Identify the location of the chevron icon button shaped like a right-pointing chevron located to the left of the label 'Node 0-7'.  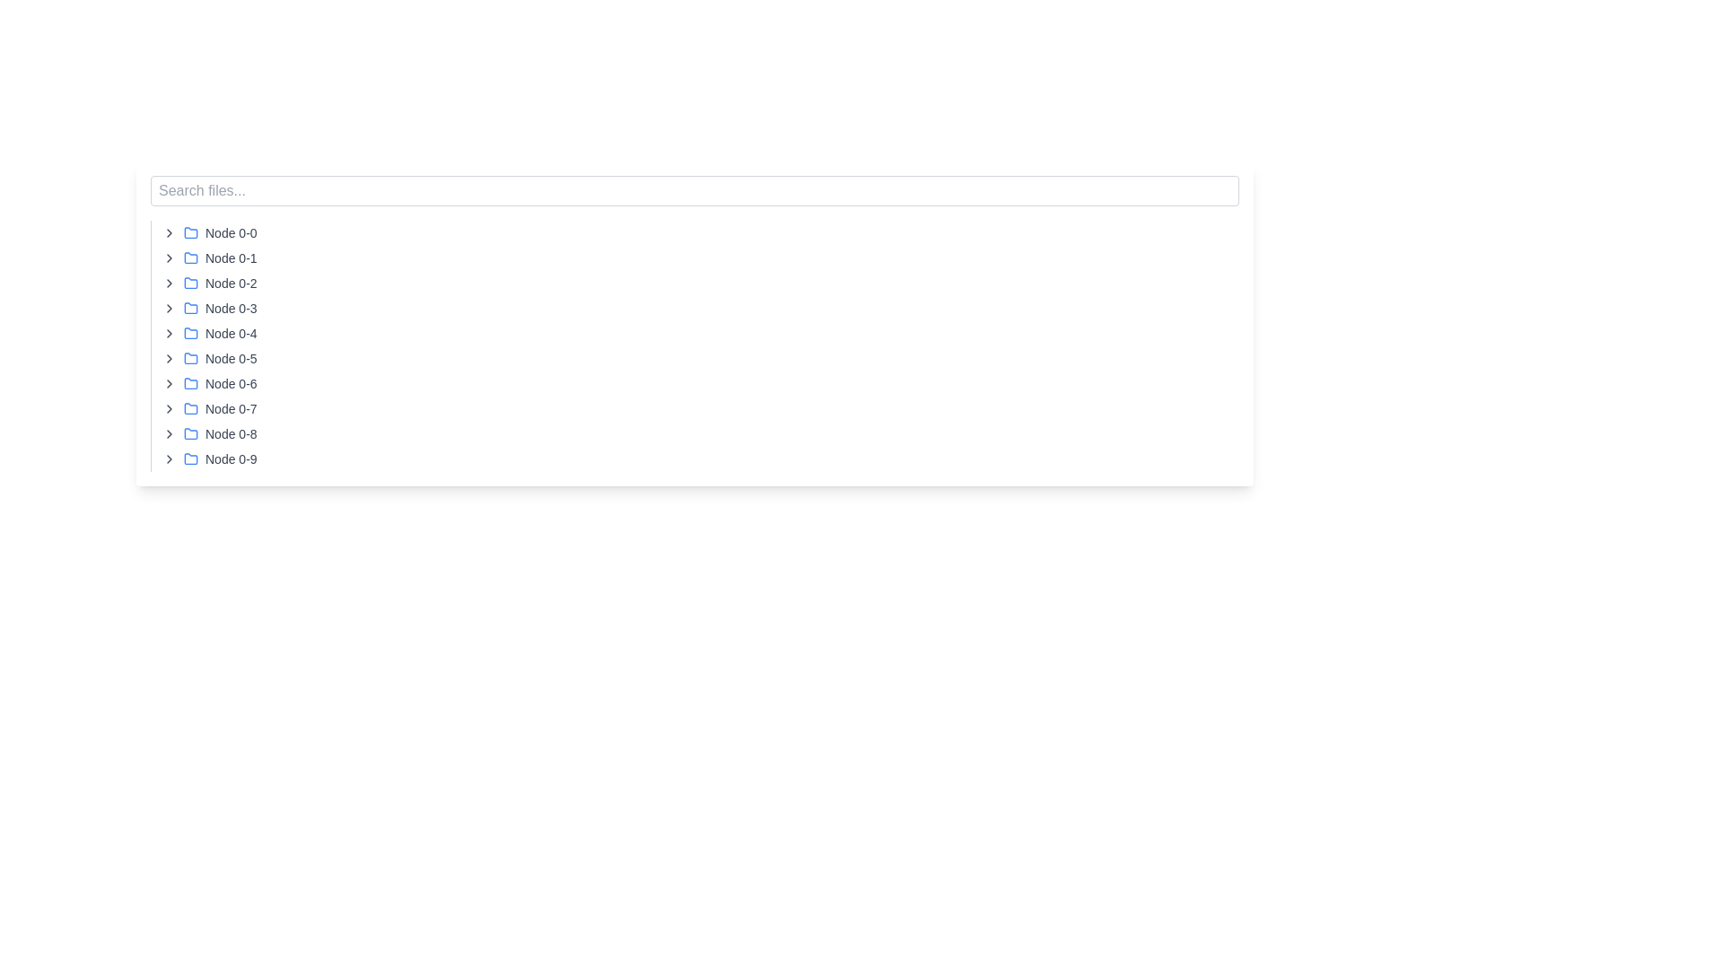
(169, 408).